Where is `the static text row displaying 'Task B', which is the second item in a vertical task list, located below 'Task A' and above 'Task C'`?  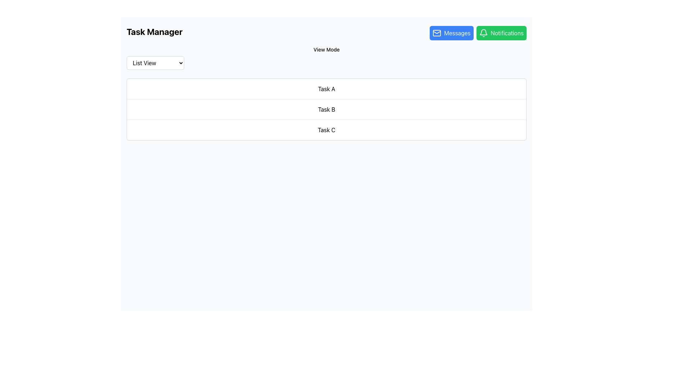
the static text row displaying 'Task B', which is the second item in a vertical task list, located below 'Task A' and above 'Task C' is located at coordinates (326, 109).